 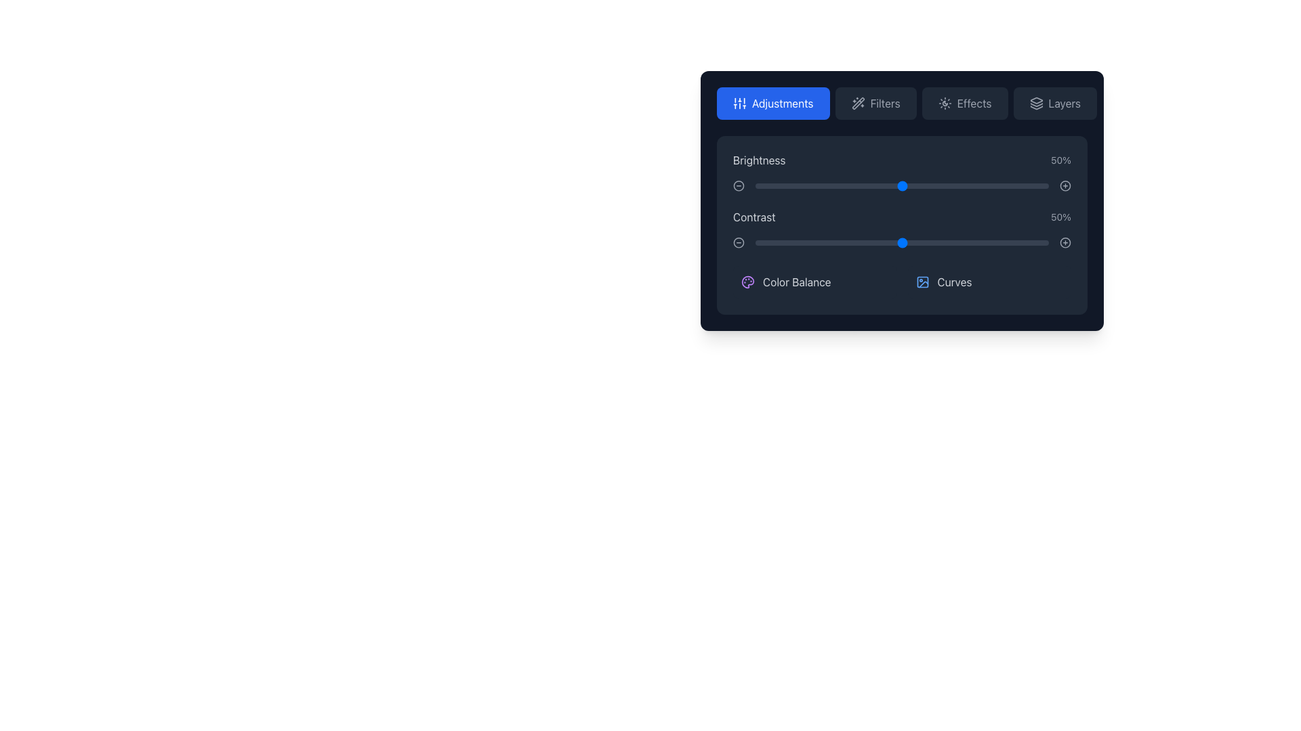 What do you see at coordinates (759, 159) in the screenshot?
I see `the 'Brightness' label text styled in gray color to possibly display additional information` at bounding box center [759, 159].